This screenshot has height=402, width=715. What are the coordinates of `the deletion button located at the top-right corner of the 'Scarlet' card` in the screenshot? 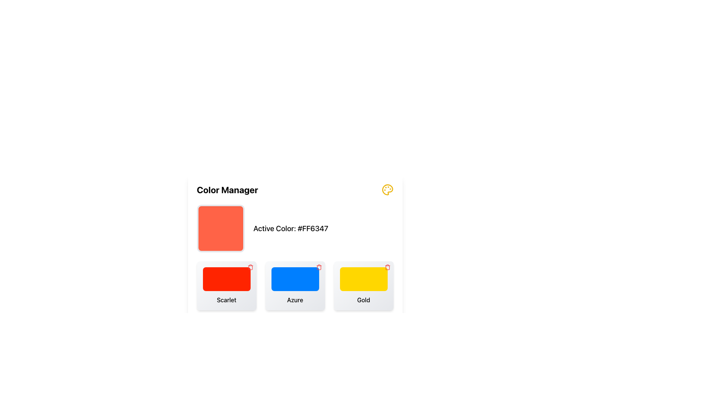 It's located at (250, 267).